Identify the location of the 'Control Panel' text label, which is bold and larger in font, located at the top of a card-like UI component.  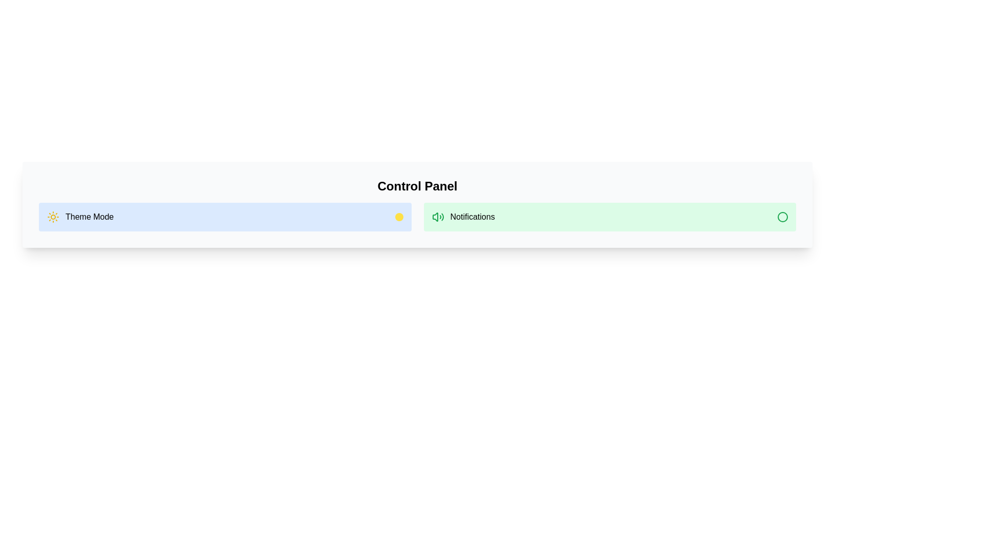
(417, 186).